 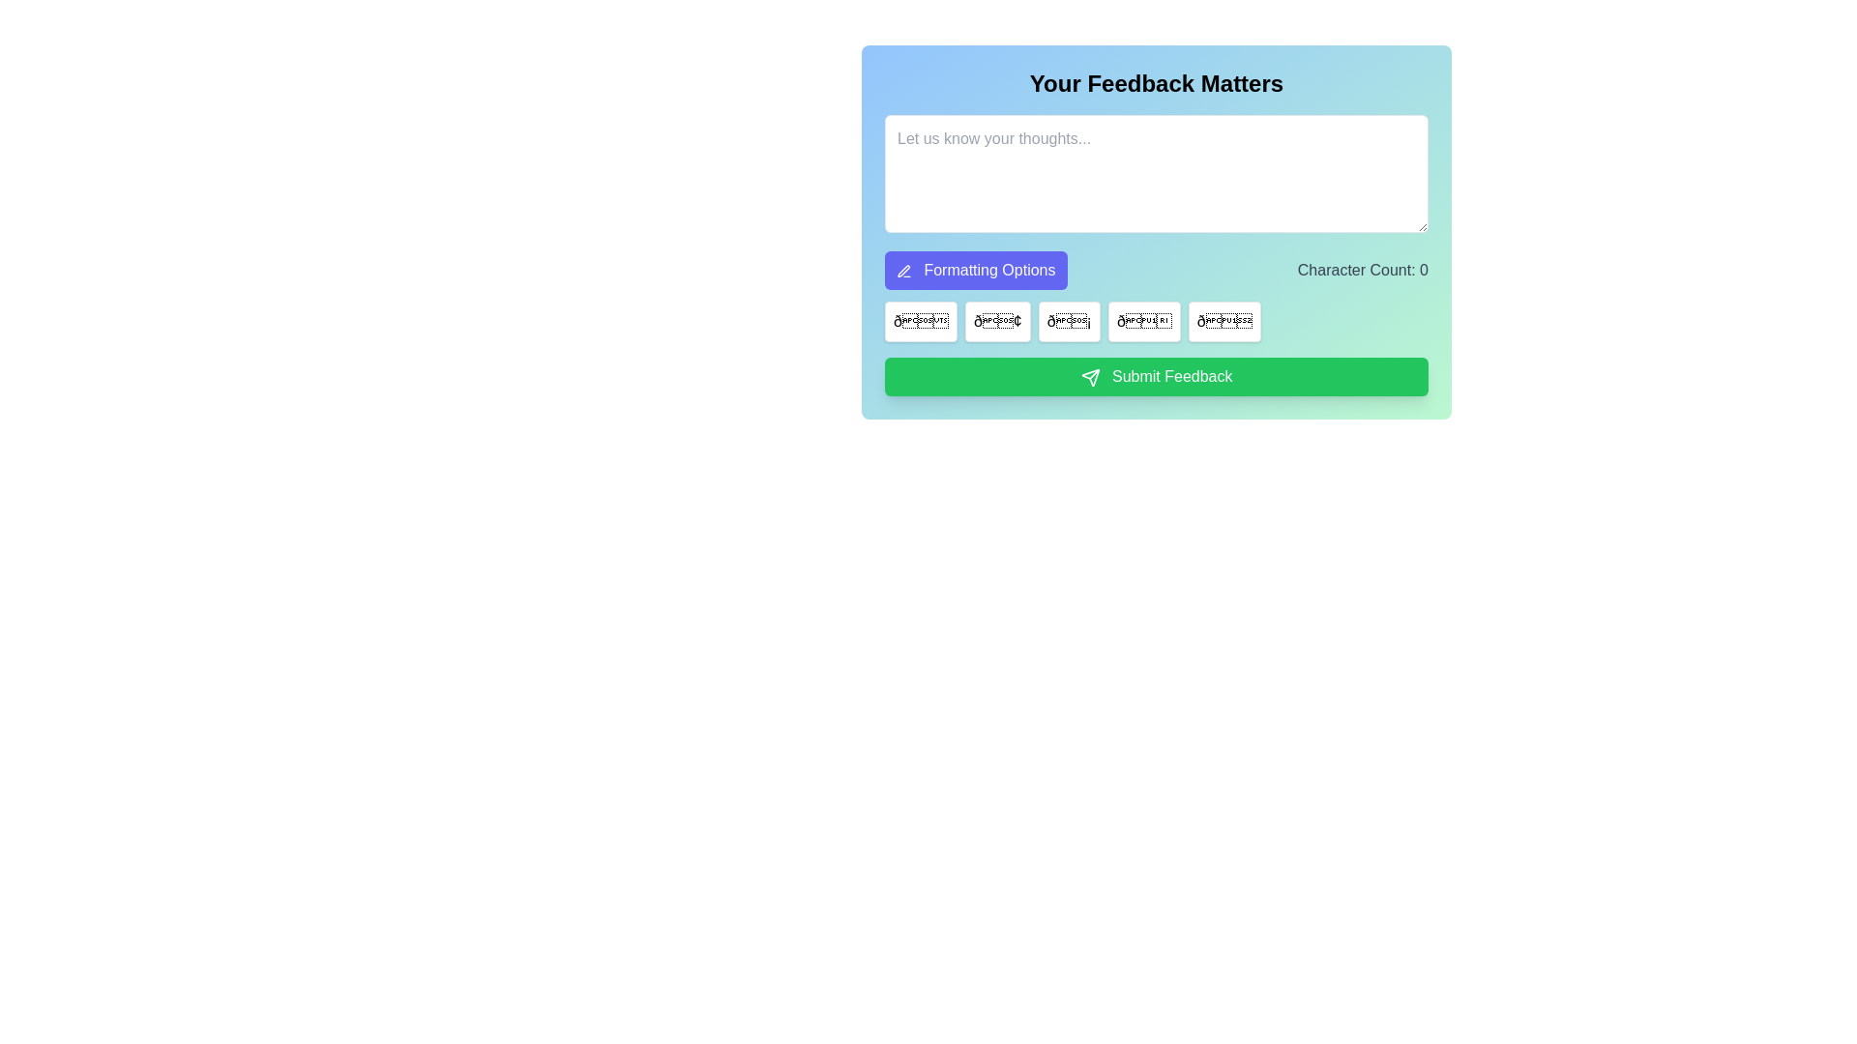 What do you see at coordinates (997, 320) in the screenshot?
I see `the square-shaped button with a white background and a sad face emoji, which is the second button in a row of five aligned buttons` at bounding box center [997, 320].